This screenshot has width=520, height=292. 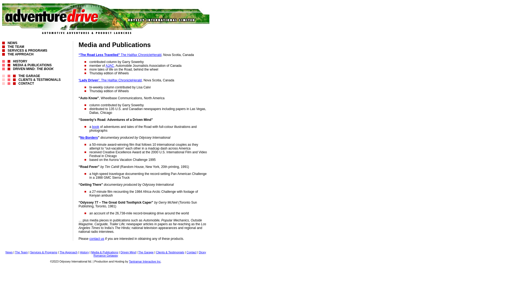 What do you see at coordinates (27, 50) in the screenshot?
I see `'SERVICES & PROGRAMS'` at bounding box center [27, 50].